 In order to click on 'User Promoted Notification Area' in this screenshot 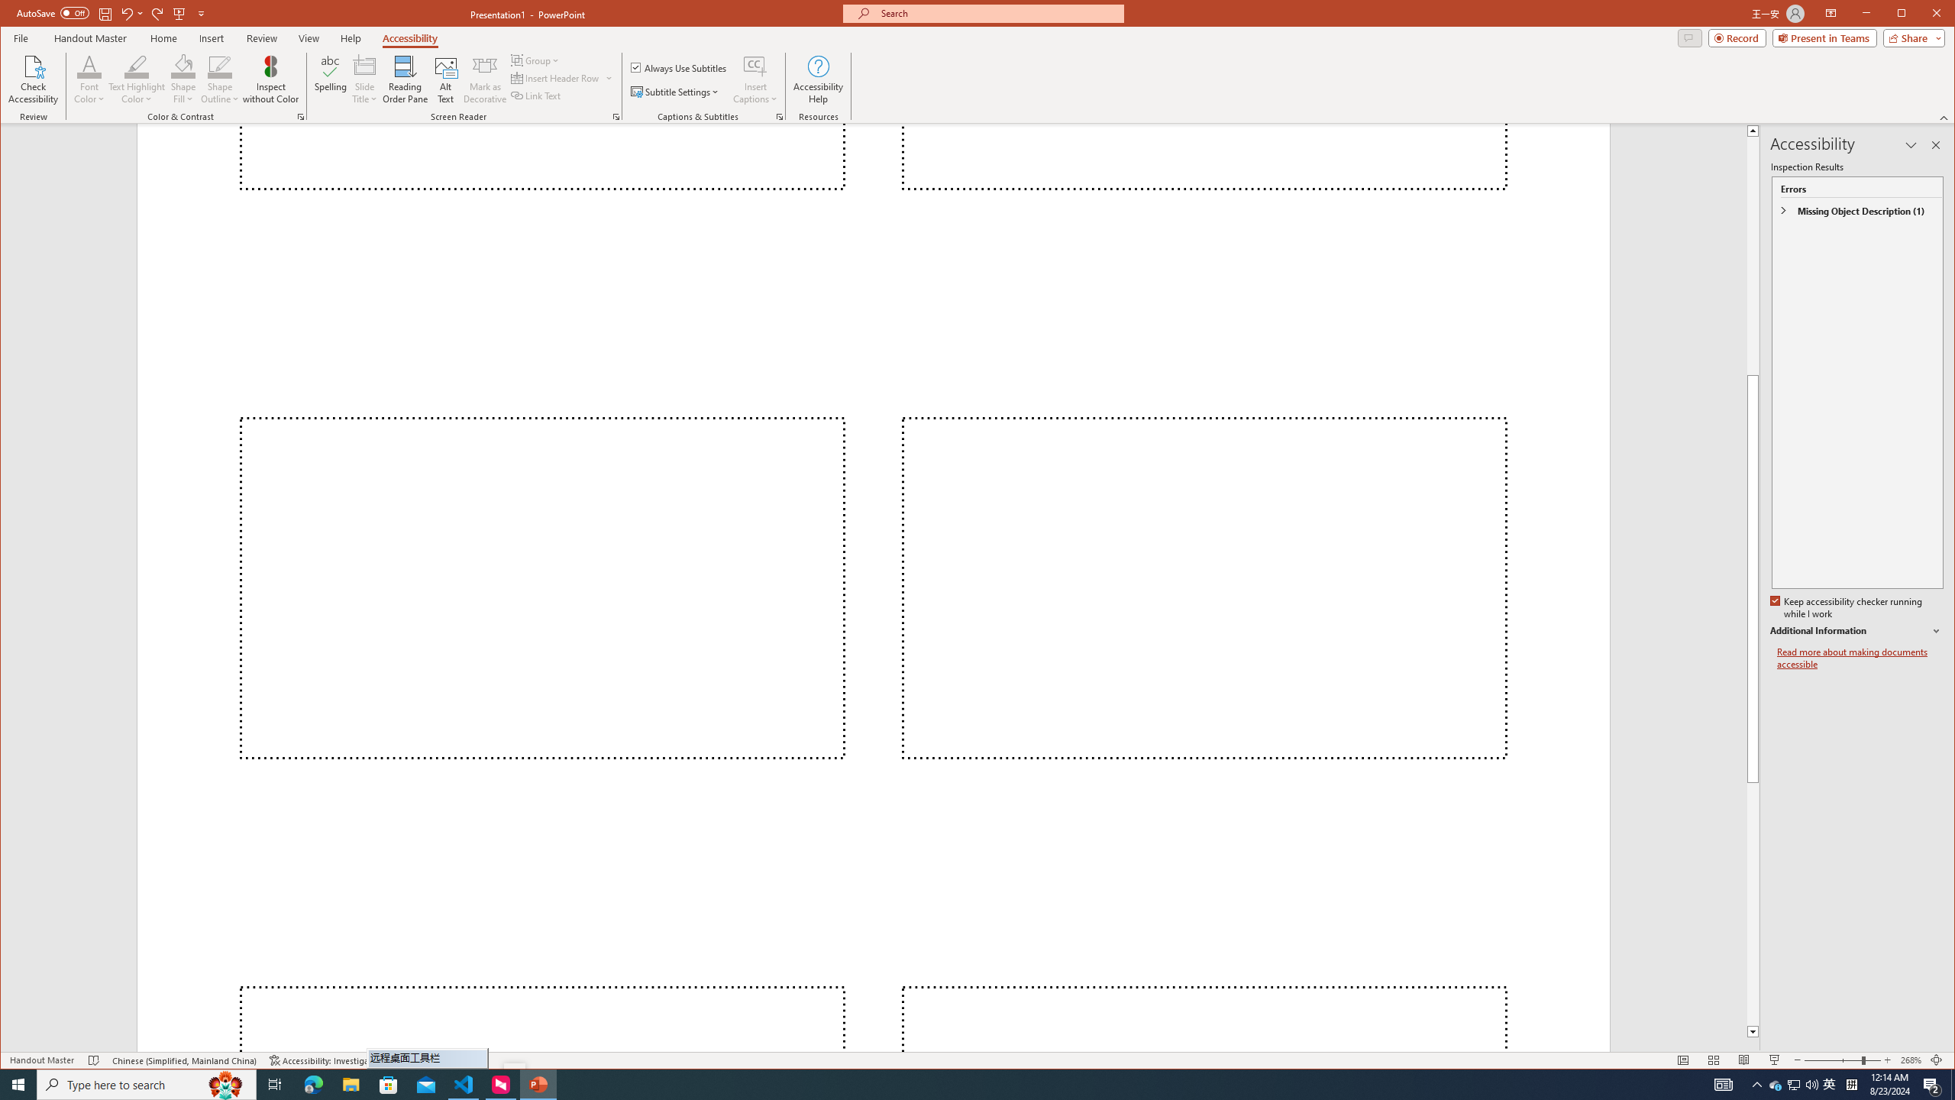, I will do `click(1794, 1083)`.